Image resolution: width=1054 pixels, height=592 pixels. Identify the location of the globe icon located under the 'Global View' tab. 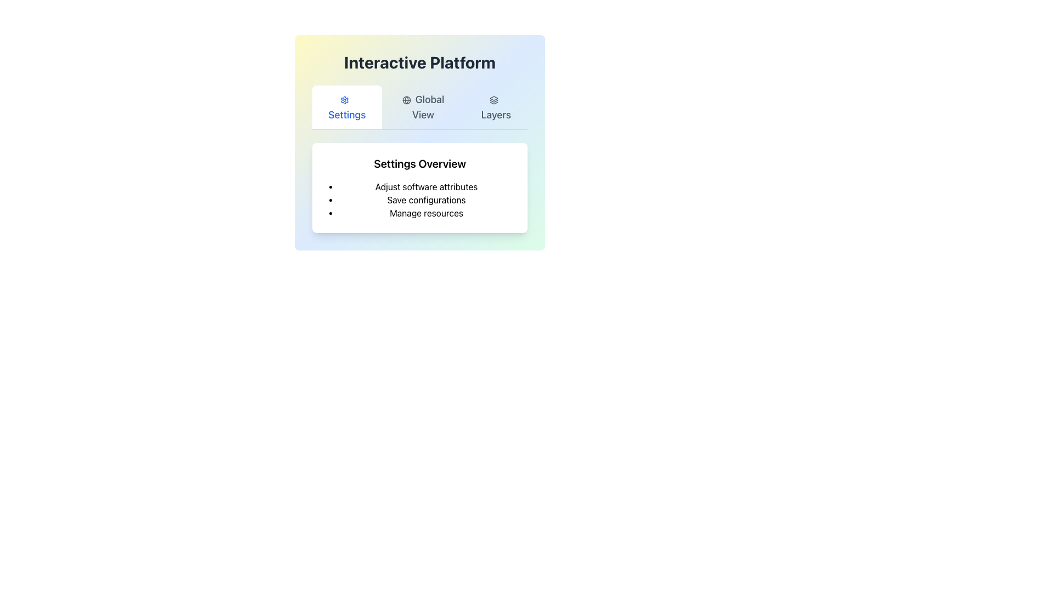
(406, 100).